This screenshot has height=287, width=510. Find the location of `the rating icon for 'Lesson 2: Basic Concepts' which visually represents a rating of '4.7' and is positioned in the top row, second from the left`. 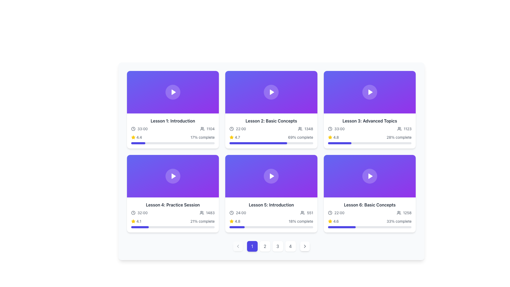

the rating icon for 'Lesson 2: Basic Concepts' which visually represents a rating of '4.7' and is positioned in the top row, second from the left is located at coordinates (232, 137).